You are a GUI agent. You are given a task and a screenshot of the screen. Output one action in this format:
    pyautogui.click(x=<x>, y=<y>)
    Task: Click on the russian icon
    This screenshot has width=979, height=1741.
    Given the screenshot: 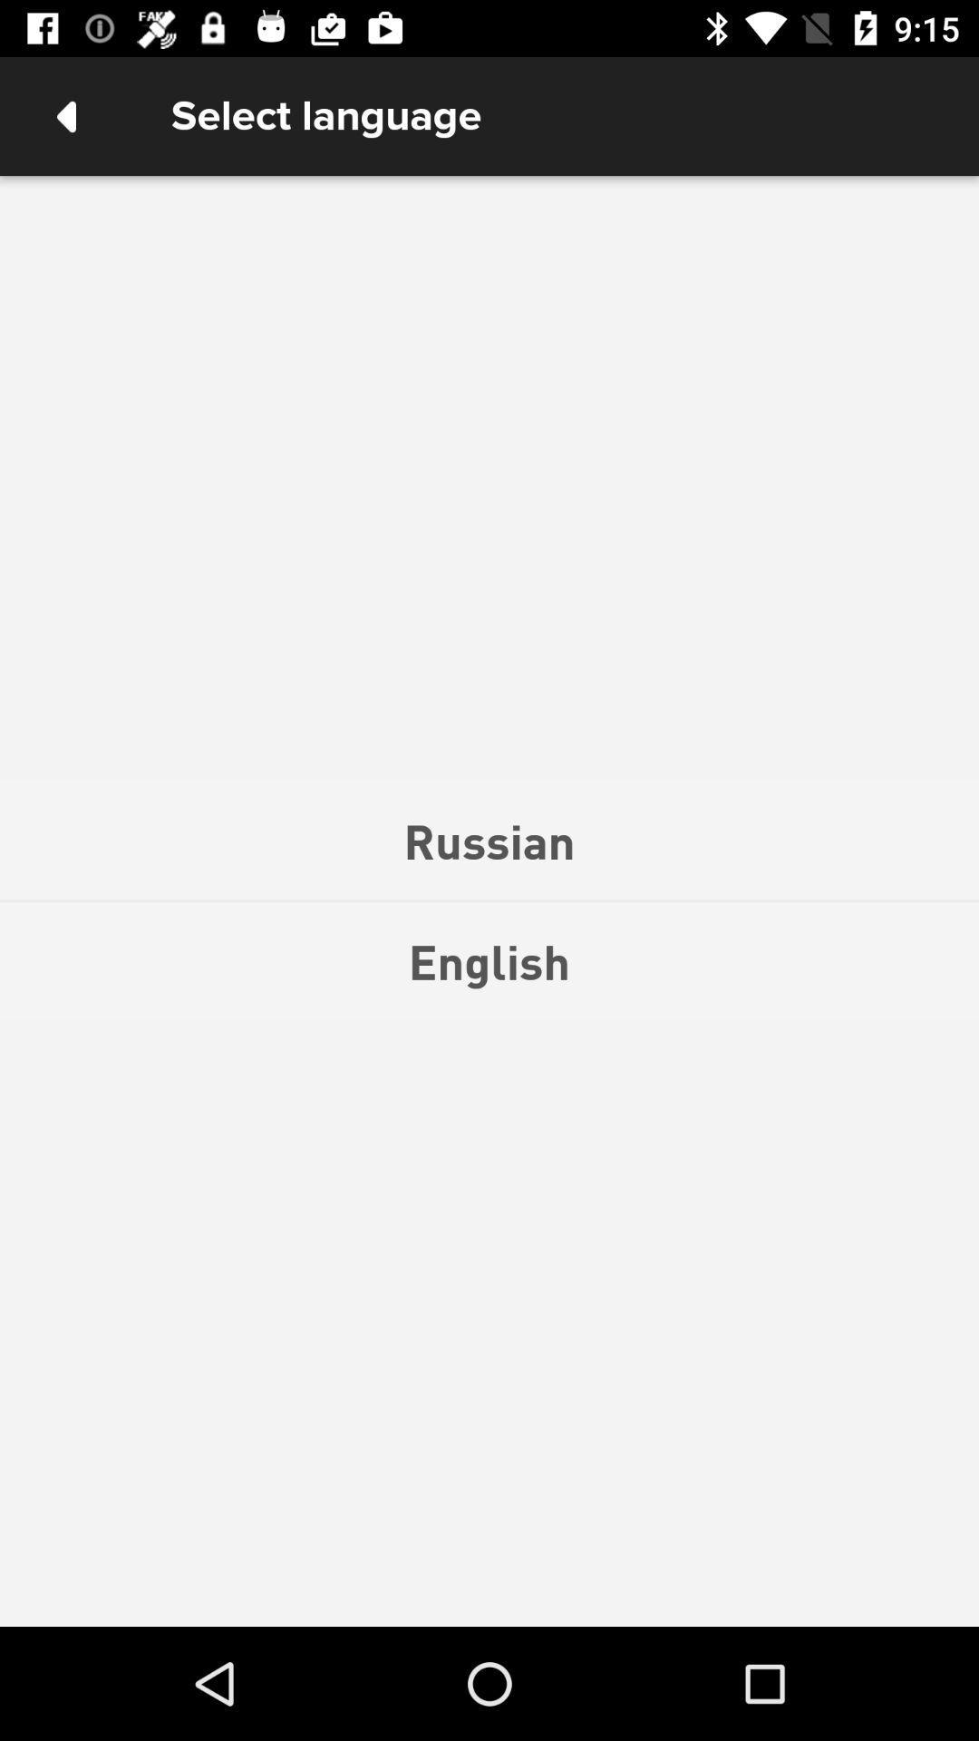 What is the action you would take?
    pyautogui.click(x=489, y=840)
    